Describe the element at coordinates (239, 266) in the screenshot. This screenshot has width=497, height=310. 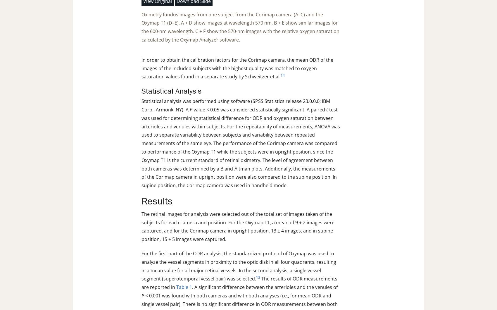
I see `'For the first part of the ODR analysis, the standardized protocol of Oxymap was used to analyze the vessel segments in proximity to the optic disk in all four quadrants, resulting in a mean value for all major retinal vessels. In the second analysis, a single vessel segment (superotemporal vessel pair) was selected.'` at that location.